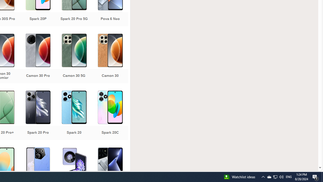  I want to click on 'Camon 30 Pro', so click(38, 59).